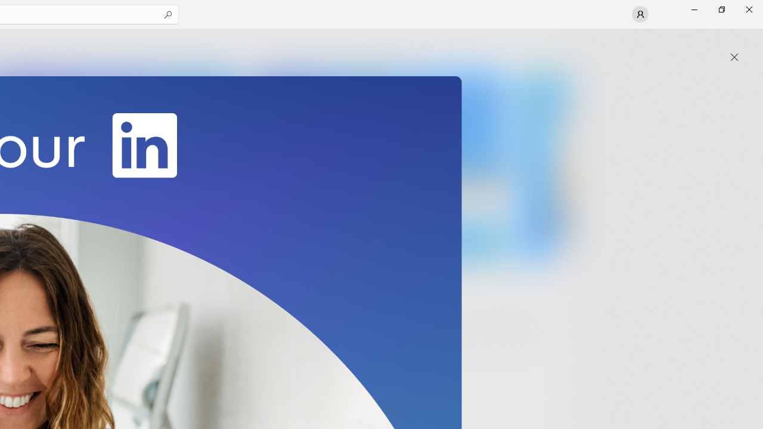 Image resolution: width=763 pixels, height=429 pixels. Describe the element at coordinates (734, 57) in the screenshot. I see `'close popup window'` at that location.